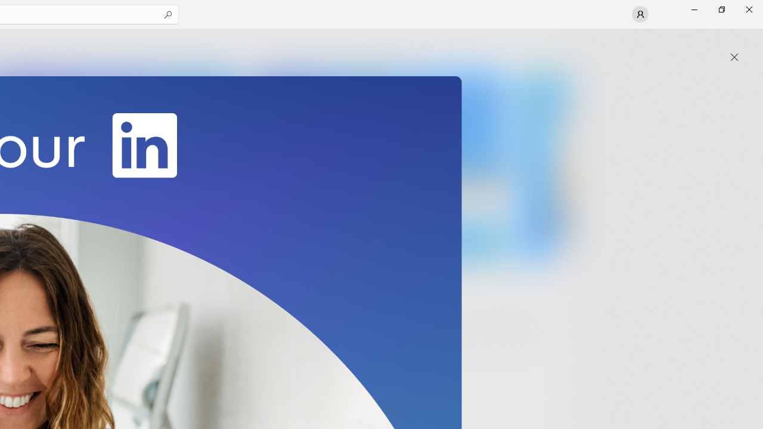 Image resolution: width=763 pixels, height=429 pixels. Describe the element at coordinates (734, 57) in the screenshot. I see `'close popup window'` at that location.